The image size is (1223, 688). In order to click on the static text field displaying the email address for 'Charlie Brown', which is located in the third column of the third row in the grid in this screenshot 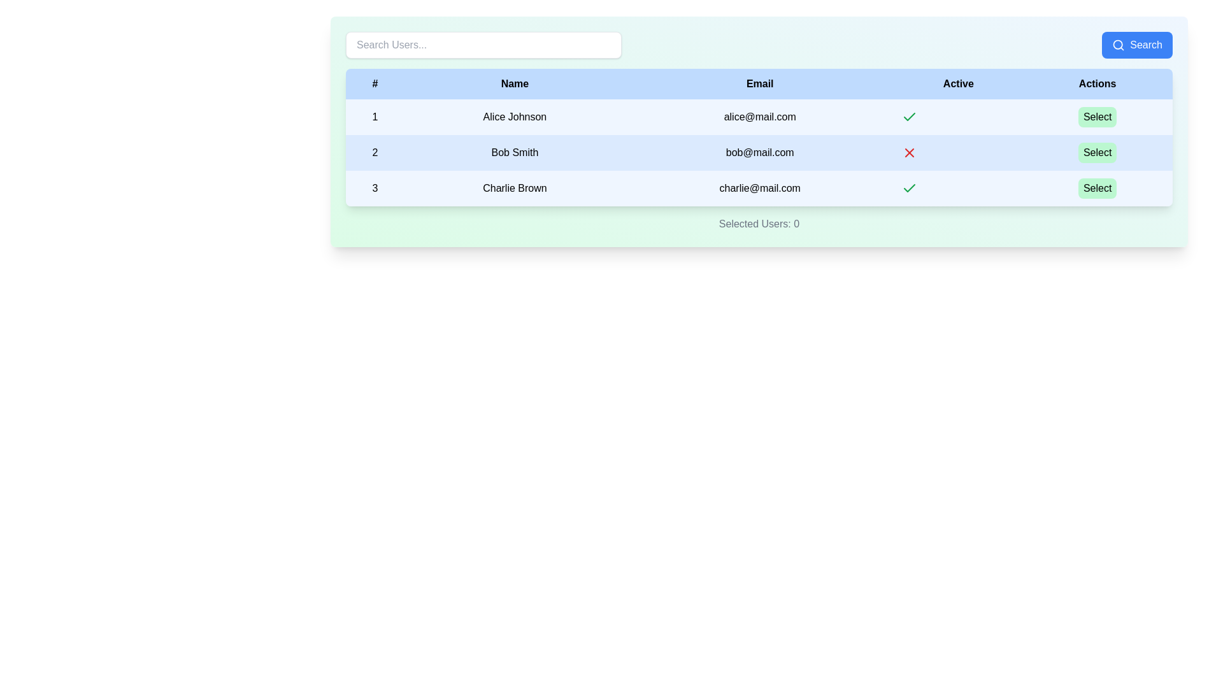, I will do `click(760, 189)`.